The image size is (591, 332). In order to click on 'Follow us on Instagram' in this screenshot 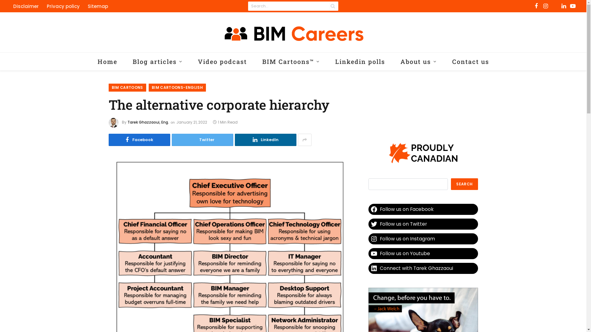, I will do `click(422, 238)`.